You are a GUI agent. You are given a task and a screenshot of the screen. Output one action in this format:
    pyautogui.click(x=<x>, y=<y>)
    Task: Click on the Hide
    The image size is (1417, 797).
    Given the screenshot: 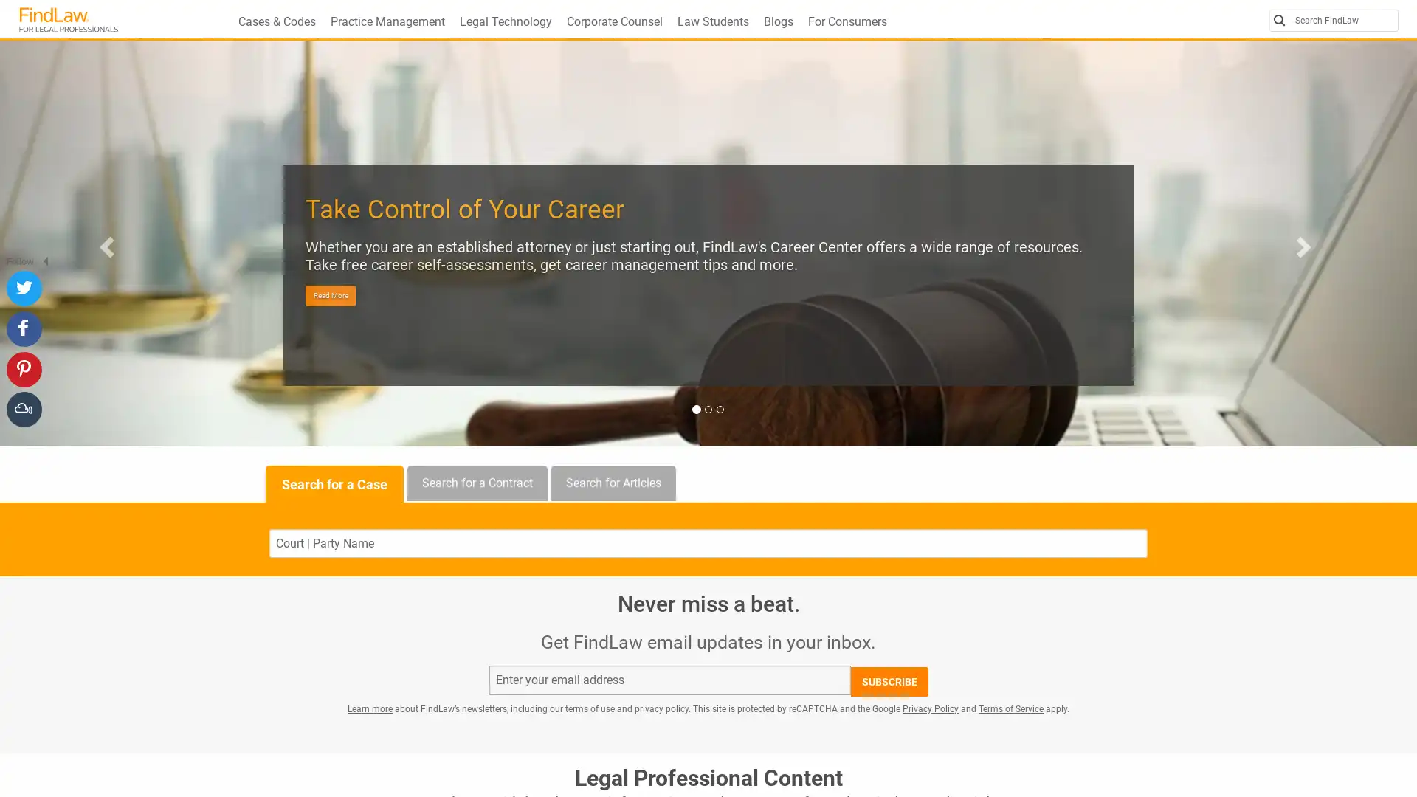 What is the action you would take?
    pyautogui.click(x=46, y=261)
    